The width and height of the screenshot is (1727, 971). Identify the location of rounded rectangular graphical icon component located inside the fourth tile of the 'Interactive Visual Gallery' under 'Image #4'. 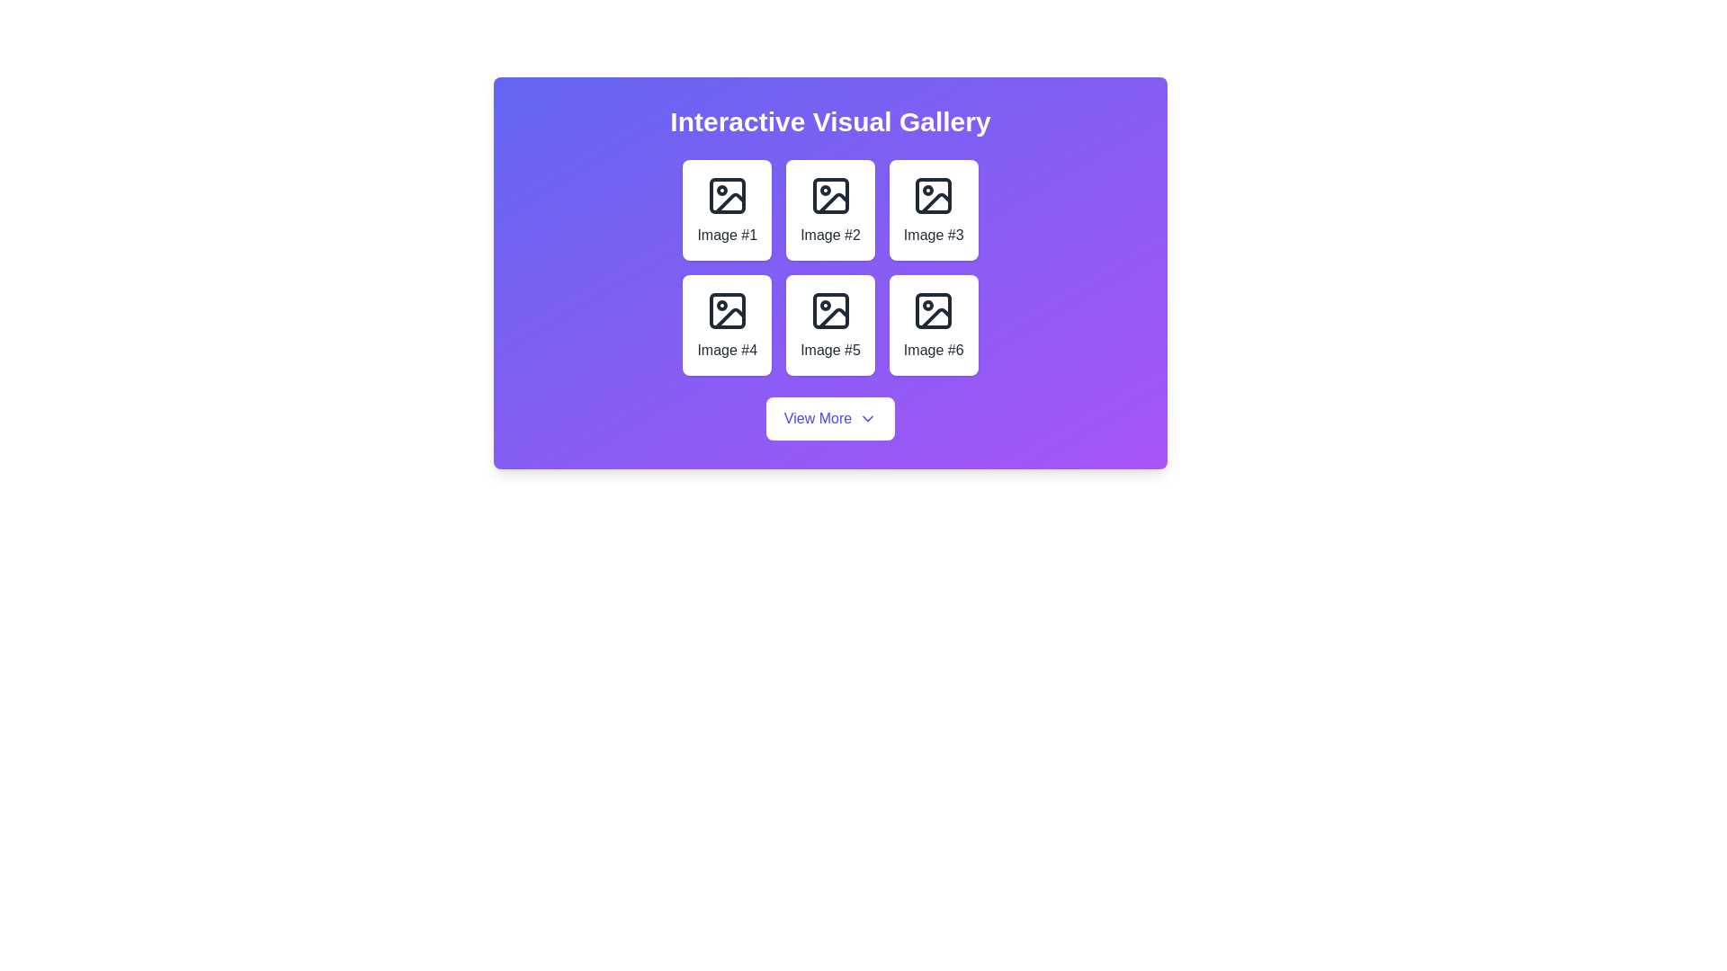
(727, 310).